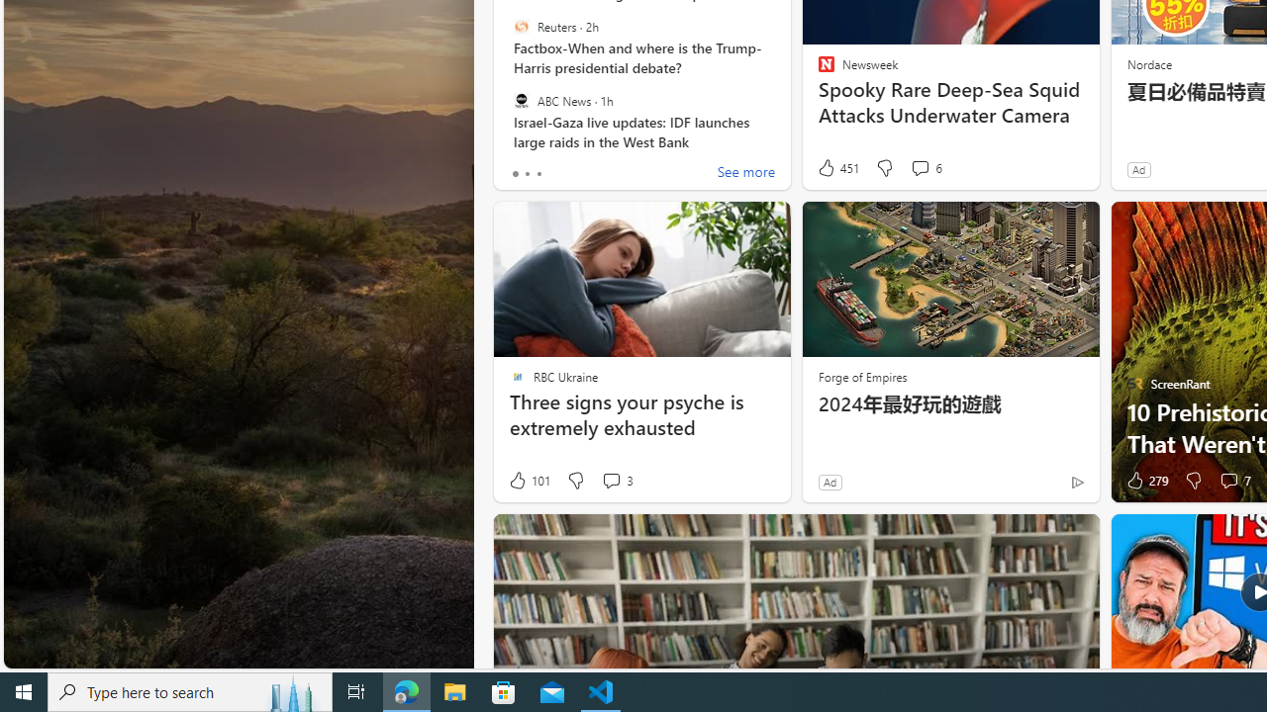 This screenshot has height=712, width=1267. Describe the element at coordinates (538, 173) in the screenshot. I see `'tab-2'` at that location.